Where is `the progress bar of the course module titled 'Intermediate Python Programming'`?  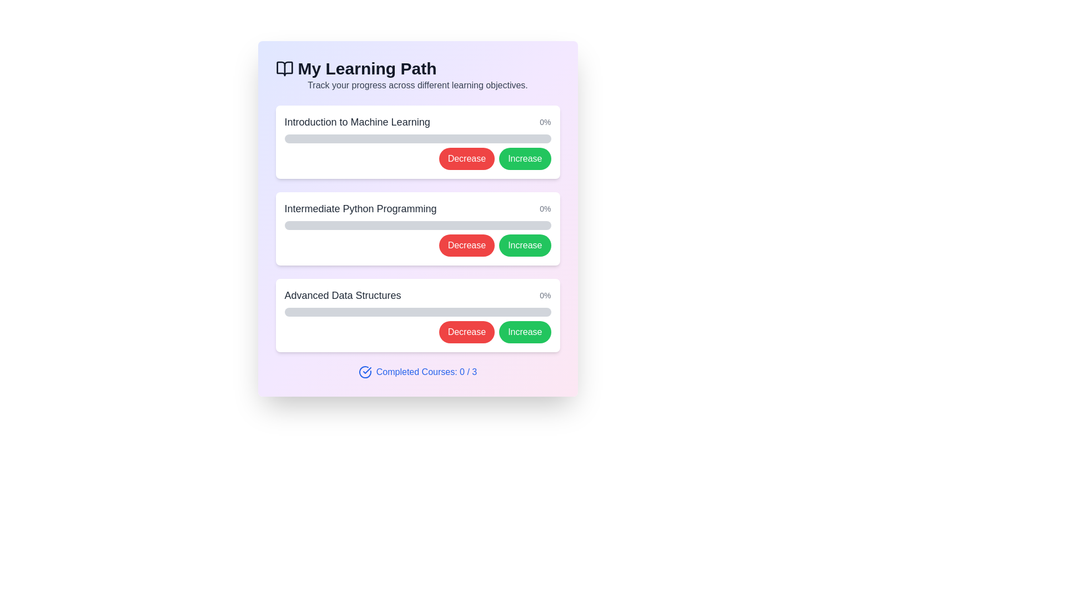
the progress bar of the course module titled 'Intermediate Python Programming' is located at coordinates (417, 228).